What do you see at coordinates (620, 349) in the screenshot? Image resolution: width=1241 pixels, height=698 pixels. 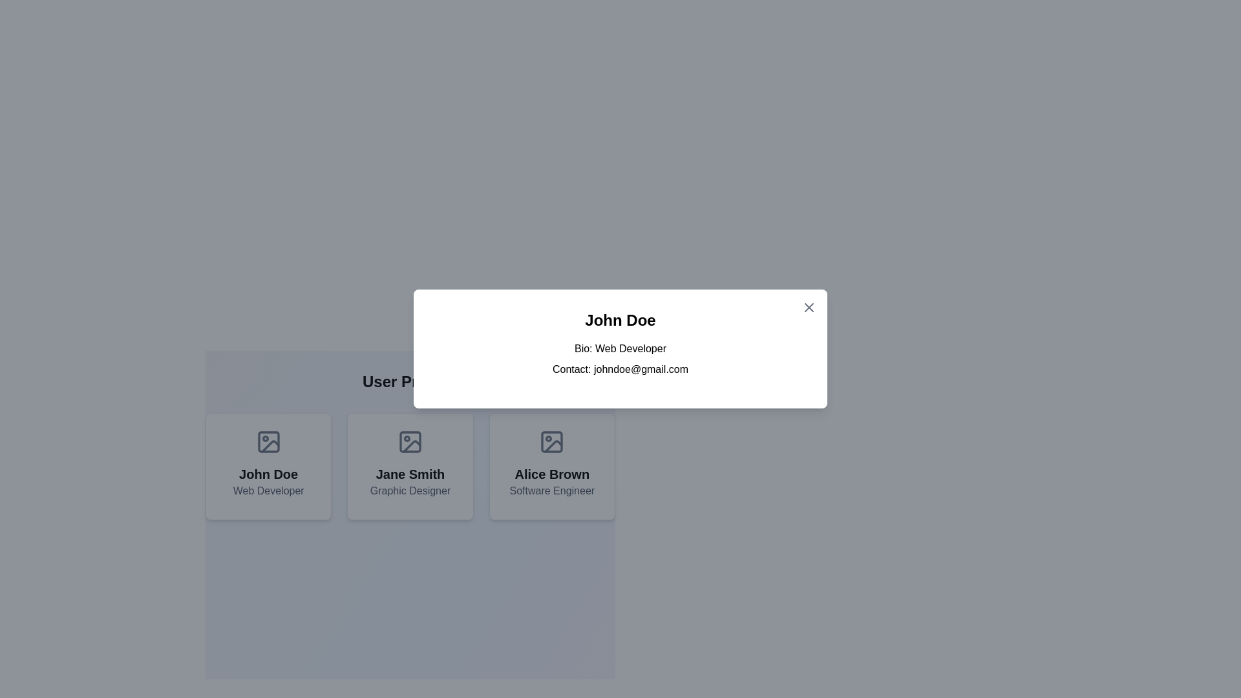 I see `the text label that describes a person's profession, located below 'John Doe' and above 'Contact: johndoe@gmail.com'` at bounding box center [620, 349].